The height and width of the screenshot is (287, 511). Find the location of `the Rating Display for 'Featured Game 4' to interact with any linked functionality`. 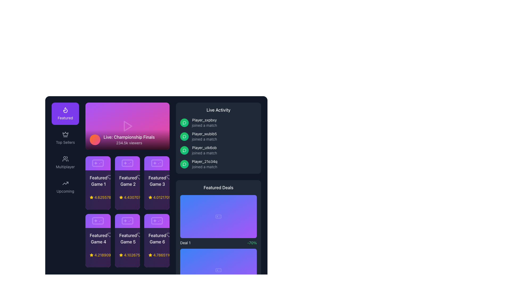

the Rating Display for 'Featured Game 4' to interact with any linked functionality is located at coordinates (98, 255).